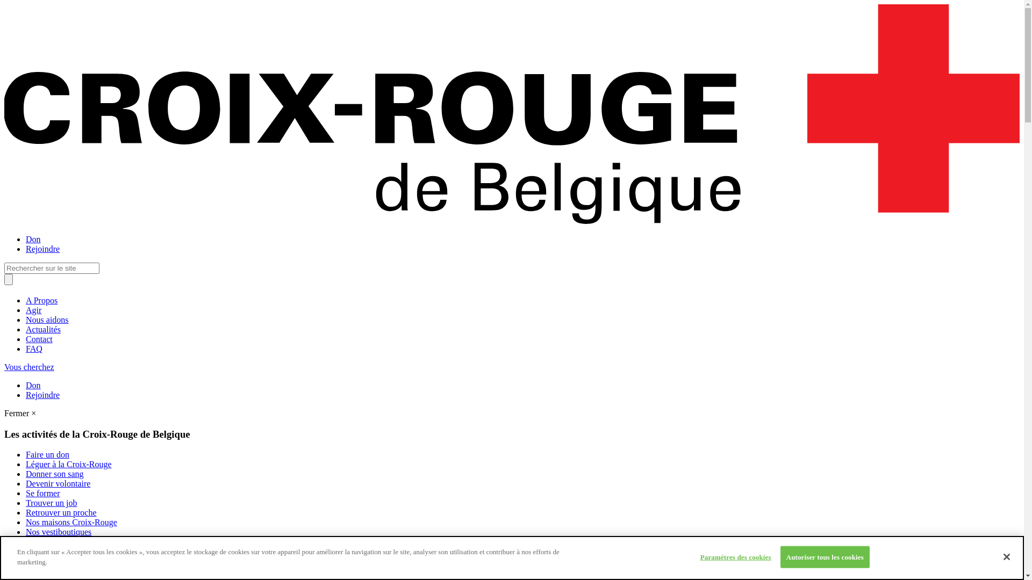  What do you see at coordinates (39, 339) in the screenshot?
I see `'Contact'` at bounding box center [39, 339].